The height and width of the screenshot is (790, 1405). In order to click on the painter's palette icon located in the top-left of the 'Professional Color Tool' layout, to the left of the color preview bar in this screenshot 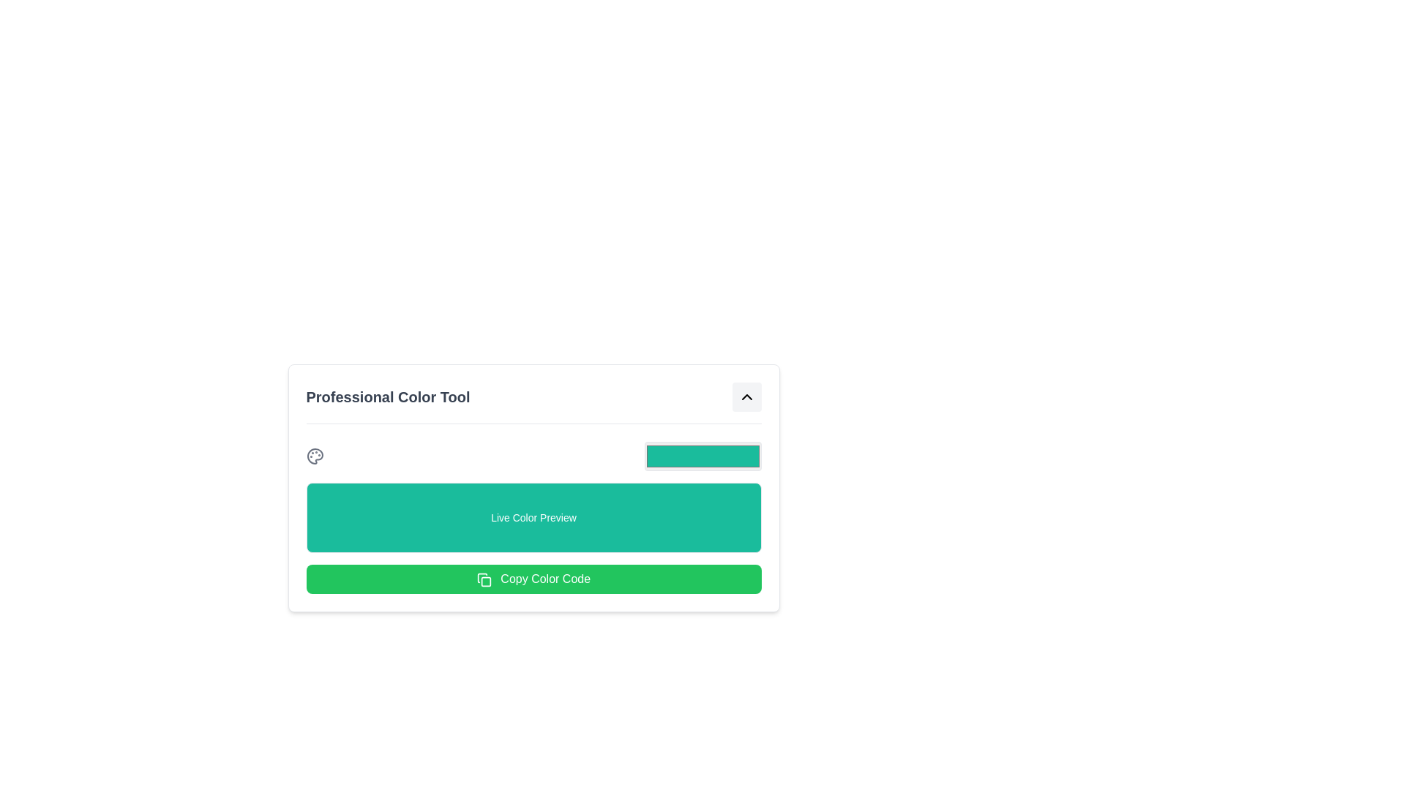, I will do `click(314, 456)`.